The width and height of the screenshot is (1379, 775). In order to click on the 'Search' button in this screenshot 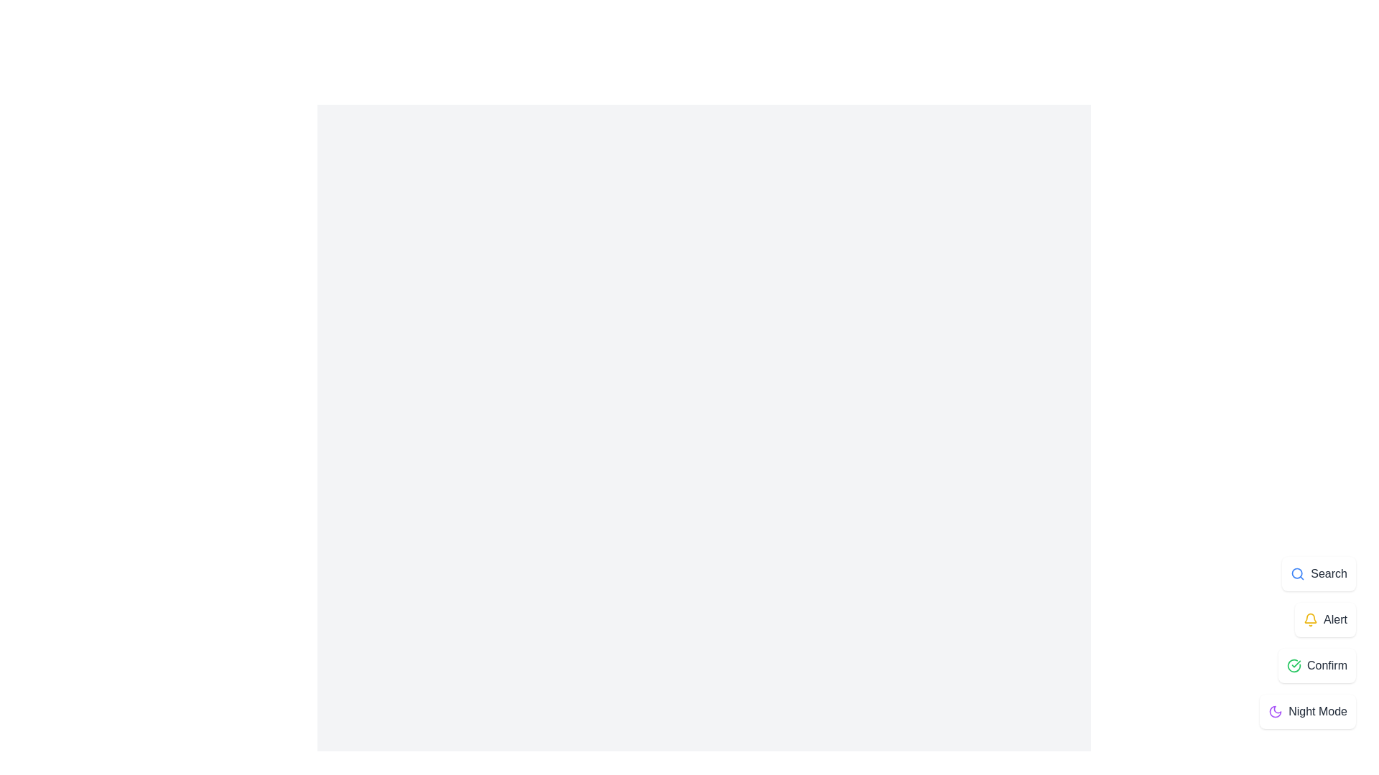, I will do `click(1319, 573)`.